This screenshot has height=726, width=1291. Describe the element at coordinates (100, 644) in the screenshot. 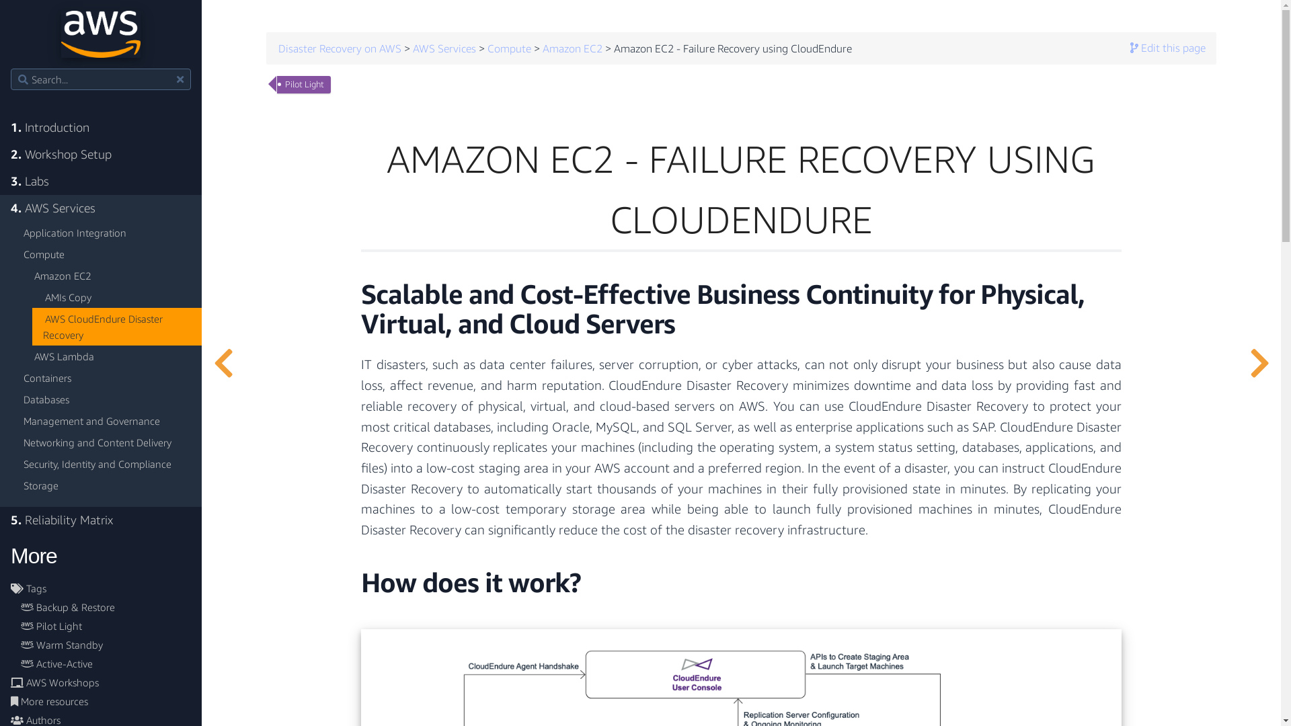

I see `'Warm Standby'` at that location.